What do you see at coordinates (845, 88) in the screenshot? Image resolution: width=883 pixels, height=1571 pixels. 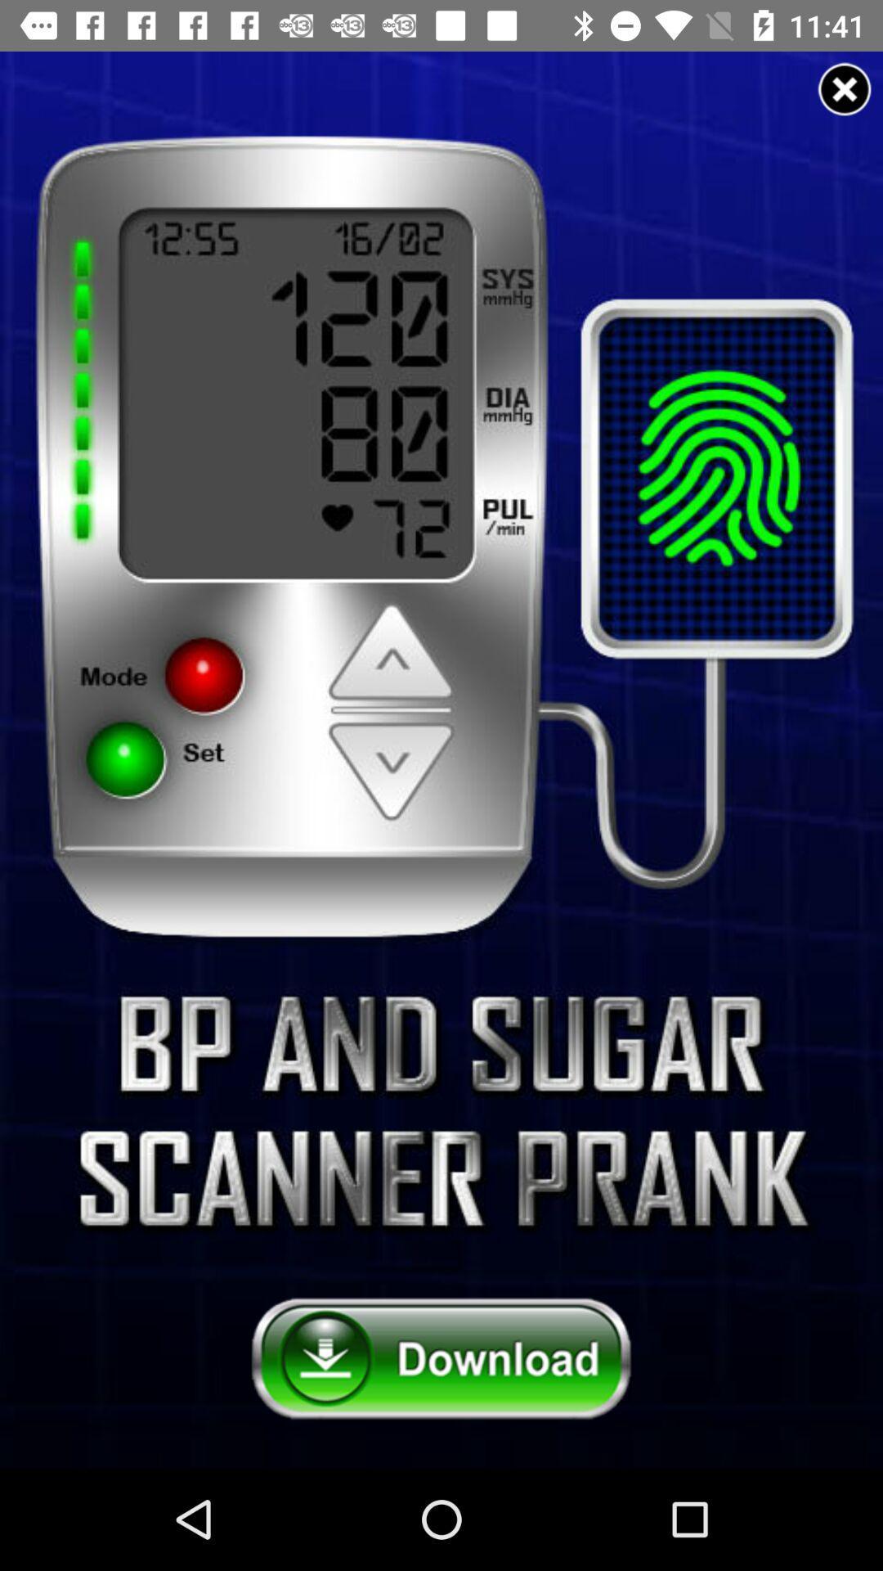 I see `window` at bounding box center [845, 88].